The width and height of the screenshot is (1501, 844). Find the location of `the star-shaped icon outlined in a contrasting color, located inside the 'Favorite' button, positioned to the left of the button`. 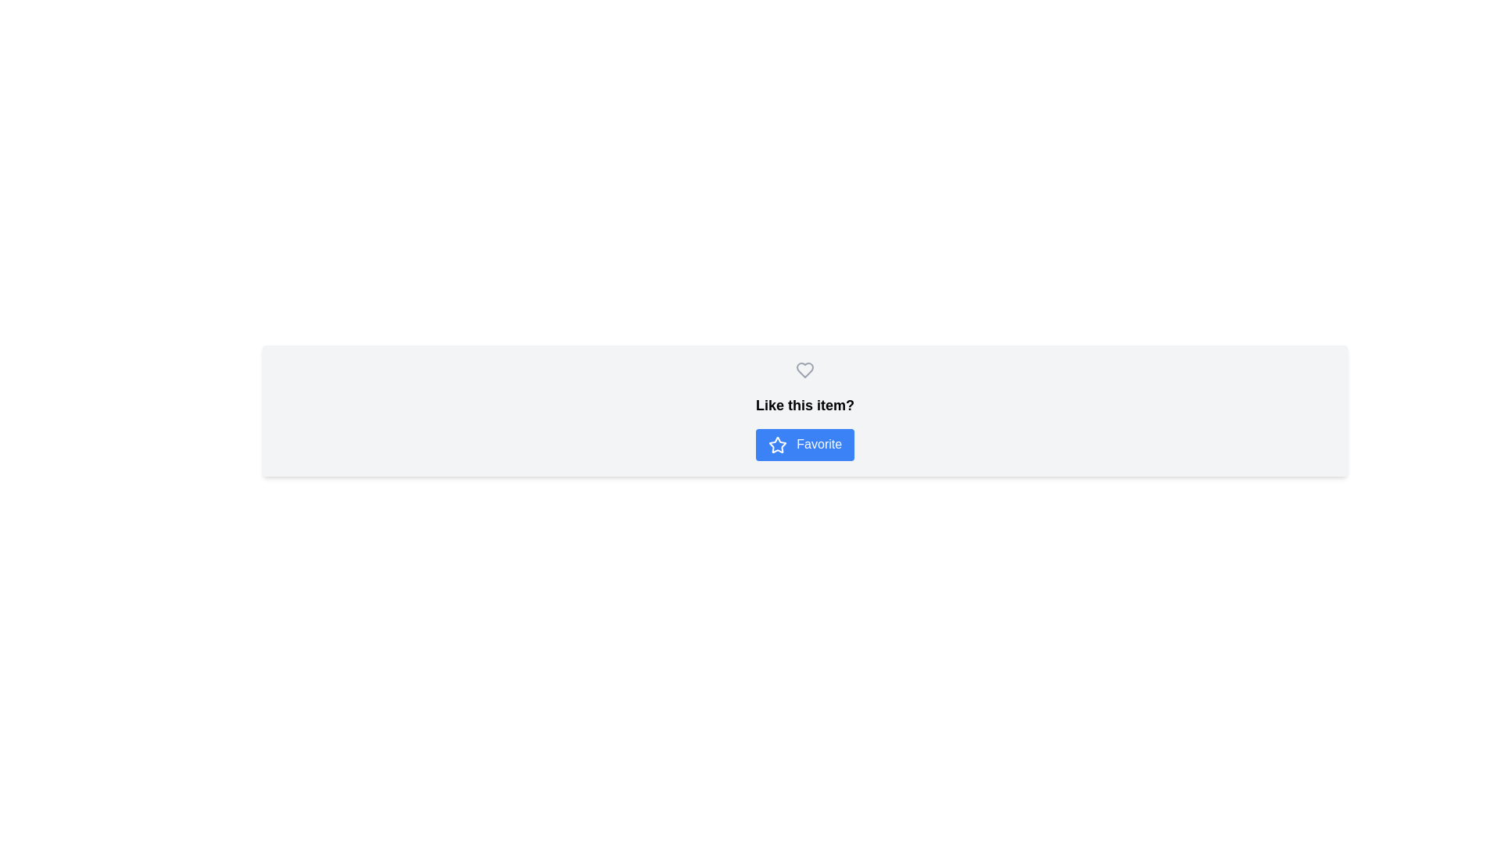

the star-shaped icon outlined in a contrasting color, located inside the 'Favorite' button, positioned to the left of the button is located at coordinates (777, 445).